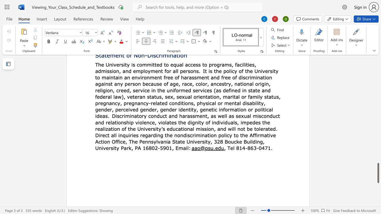 This screenshot has width=381, height=214. Describe the element at coordinates (378, 113) in the screenshot. I see `the scrollbar to slide the page up` at that location.